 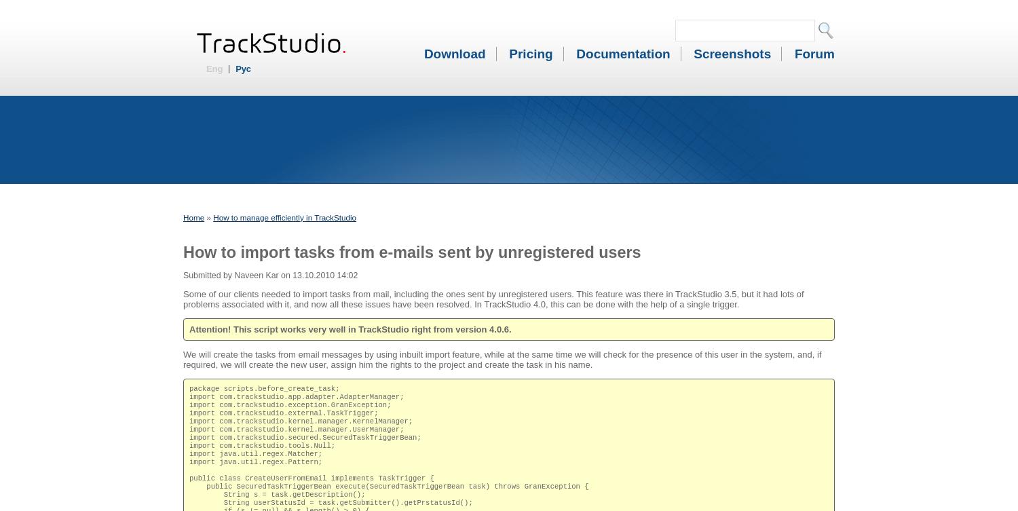 I want to click on 'Some of our clients needed to import tasks from mail, including the ones sent by unregistered users. This feature was there in TrackStudio 3.5, but it had lots of problems associated with it, and now all these issues have been resolved. In TrackStudio 4.0, this can be done with the help of a single trigger.', so click(x=493, y=297).